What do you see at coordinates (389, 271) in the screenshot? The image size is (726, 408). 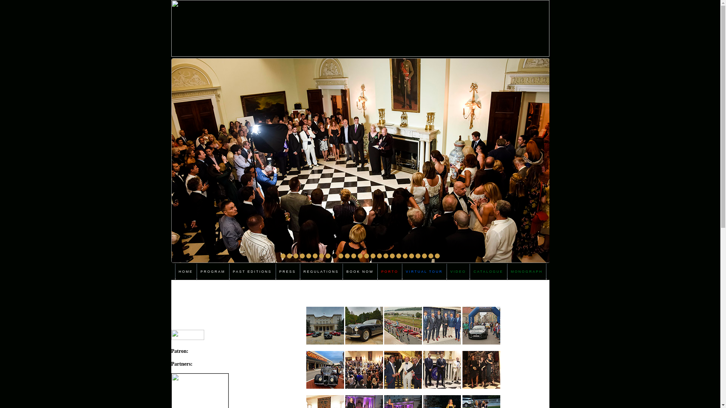 I see `'PORTO'` at bounding box center [389, 271].